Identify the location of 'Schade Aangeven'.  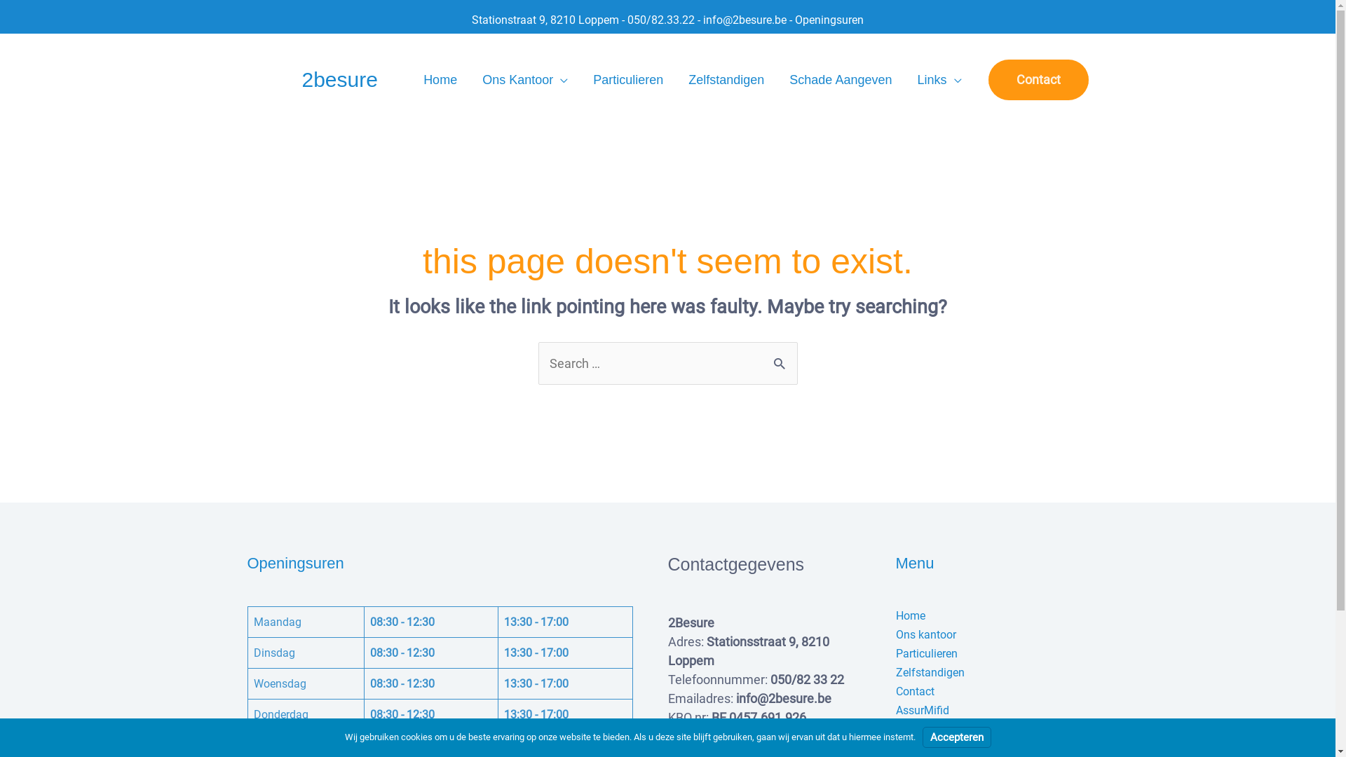
(841, 80).